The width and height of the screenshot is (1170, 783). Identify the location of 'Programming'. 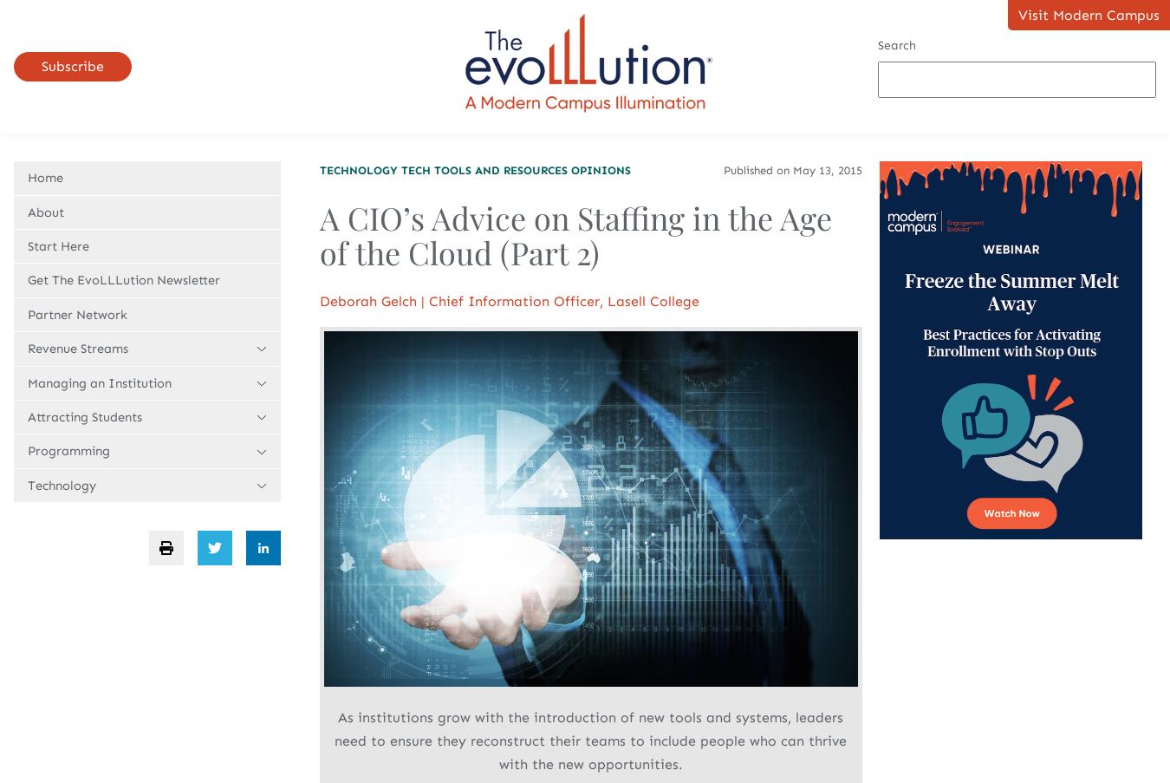
(68, 450).